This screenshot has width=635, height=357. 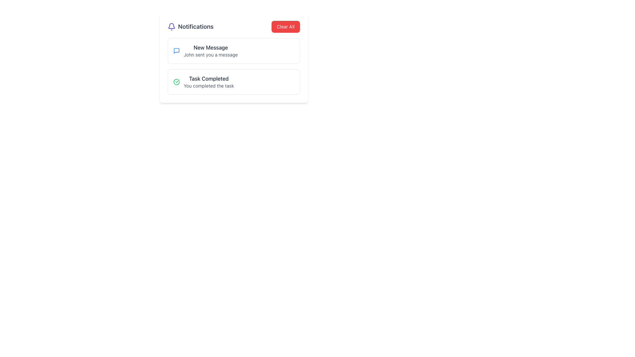 I want to click on the Text label located beneath the 'Task Completed' notification in the Notifications panel, so click(x=208, y=85).